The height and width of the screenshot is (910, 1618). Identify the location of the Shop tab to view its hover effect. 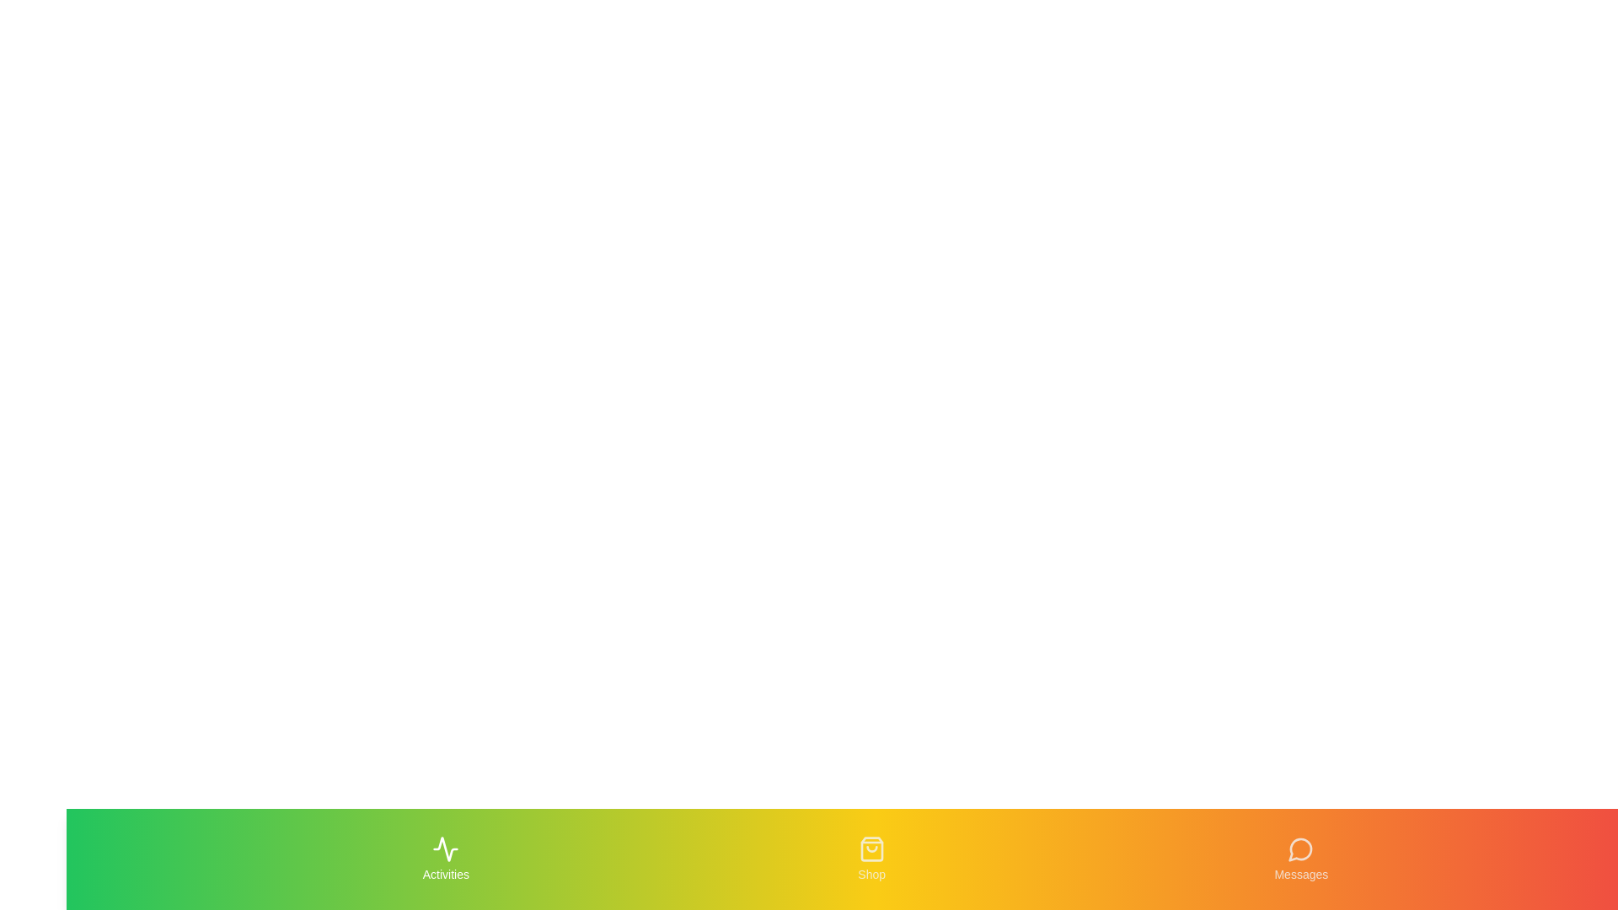
(872, 859).